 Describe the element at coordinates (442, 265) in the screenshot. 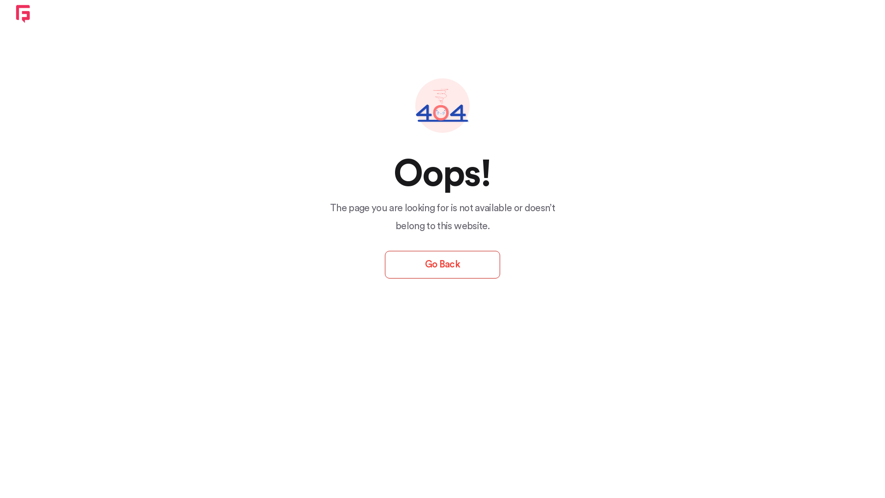

I see `'Go Back'` at that location.